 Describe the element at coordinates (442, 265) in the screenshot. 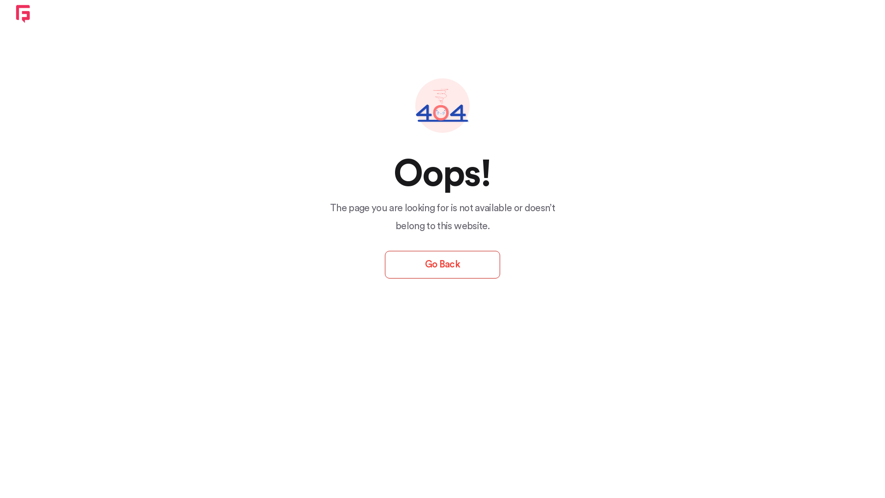

I see `'Go Back'` at that location.